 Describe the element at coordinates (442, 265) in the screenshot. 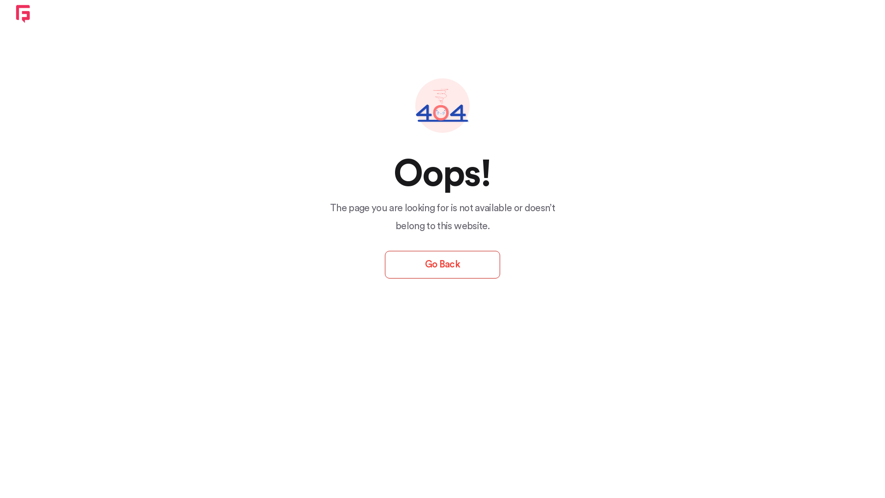

I see `'Go Back'` at that location.